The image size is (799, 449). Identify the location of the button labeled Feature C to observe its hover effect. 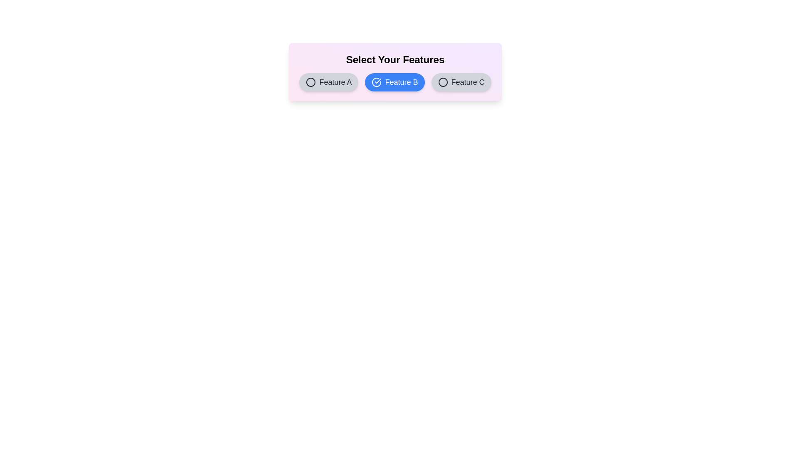
(461, 82).